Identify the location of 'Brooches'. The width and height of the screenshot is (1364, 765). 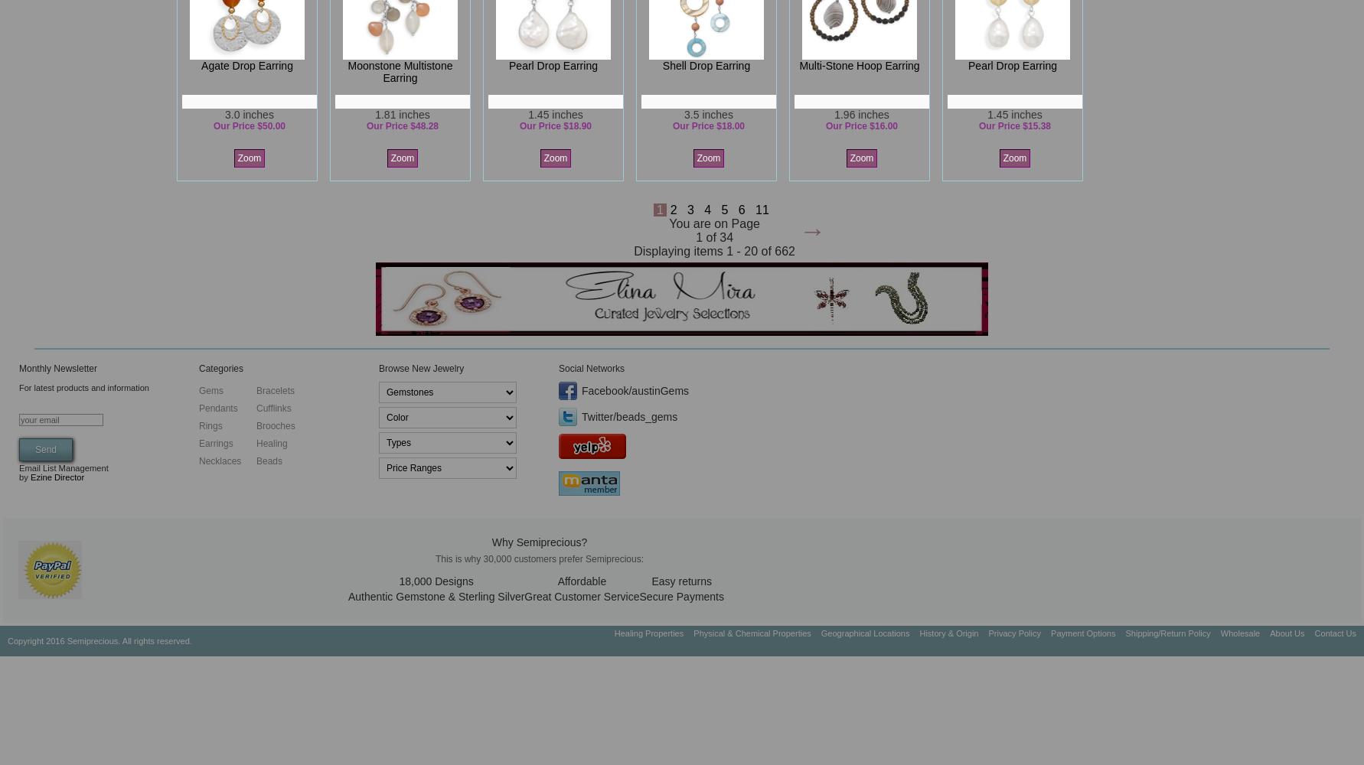
(275, 426).